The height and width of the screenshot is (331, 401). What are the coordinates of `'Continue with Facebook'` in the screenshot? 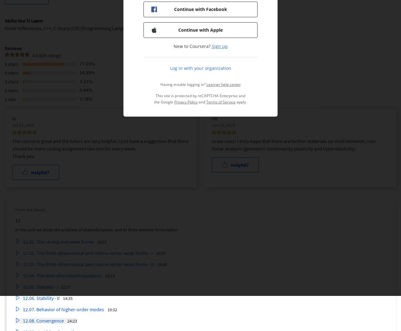 It's located at (174, 9).